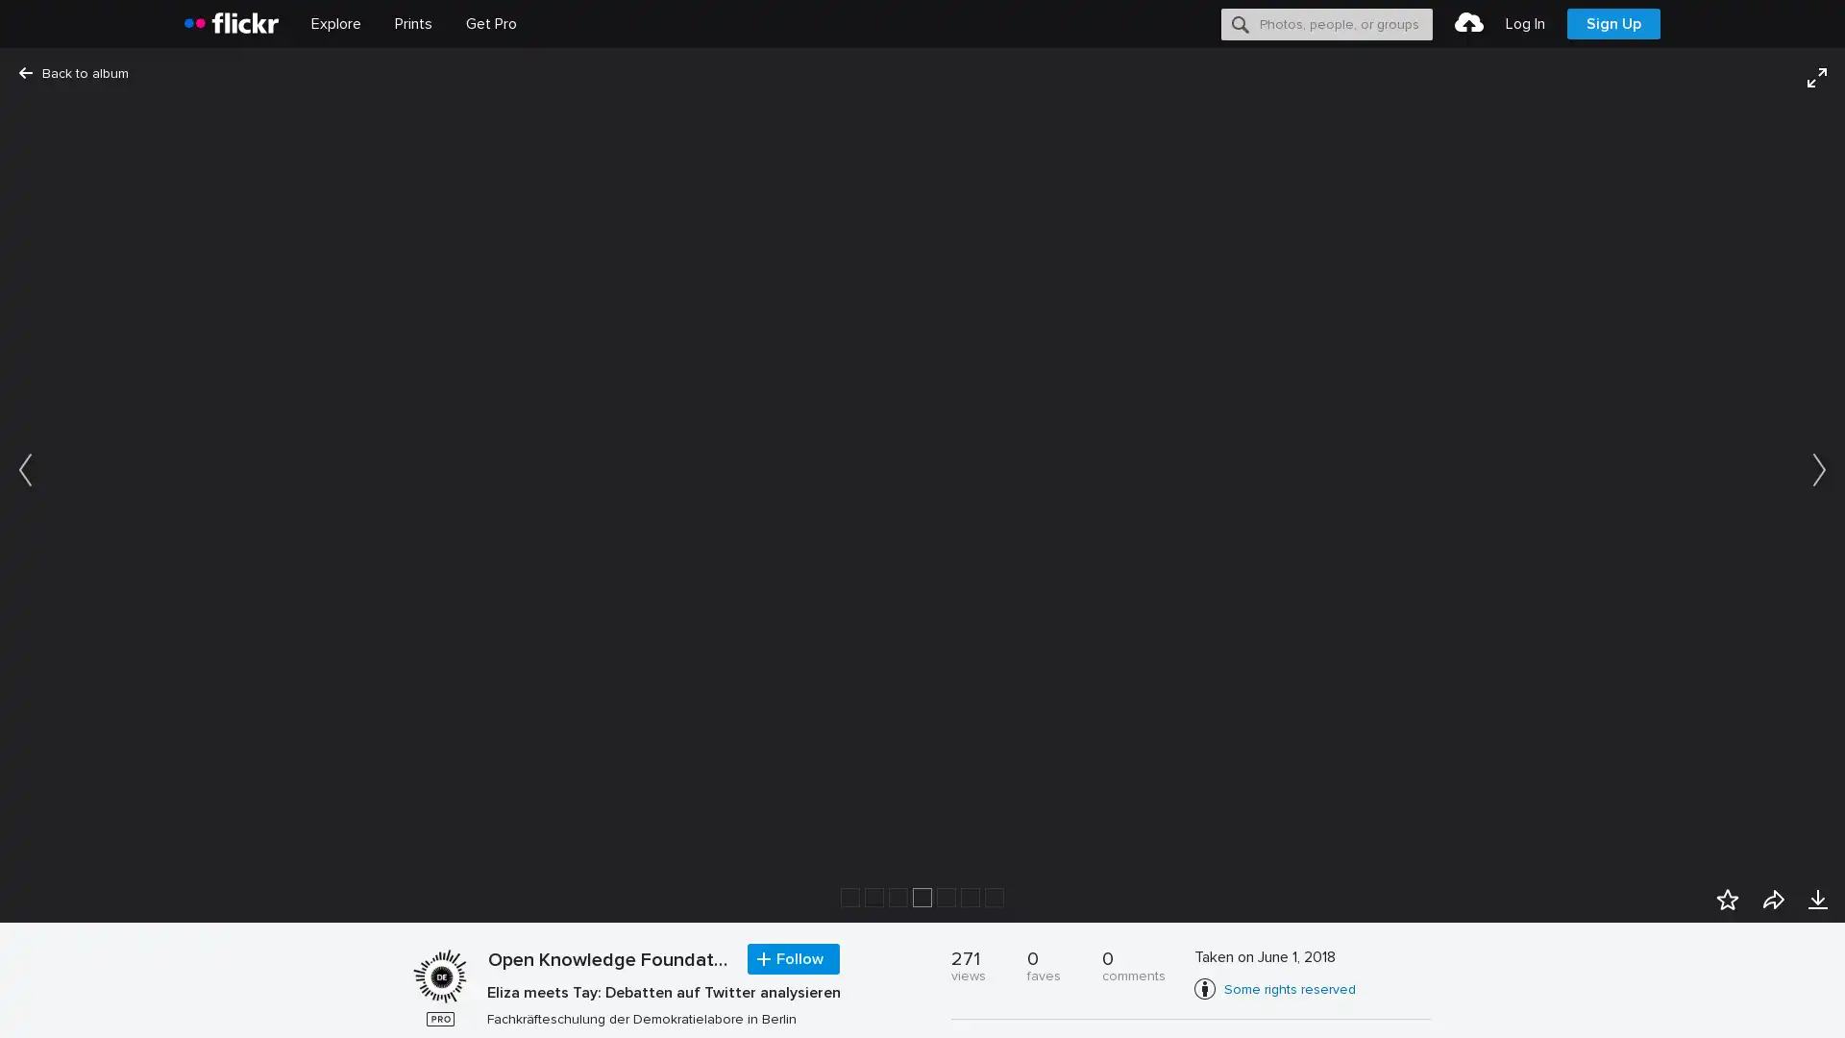  I want to click on Search, so click(1241, 23).